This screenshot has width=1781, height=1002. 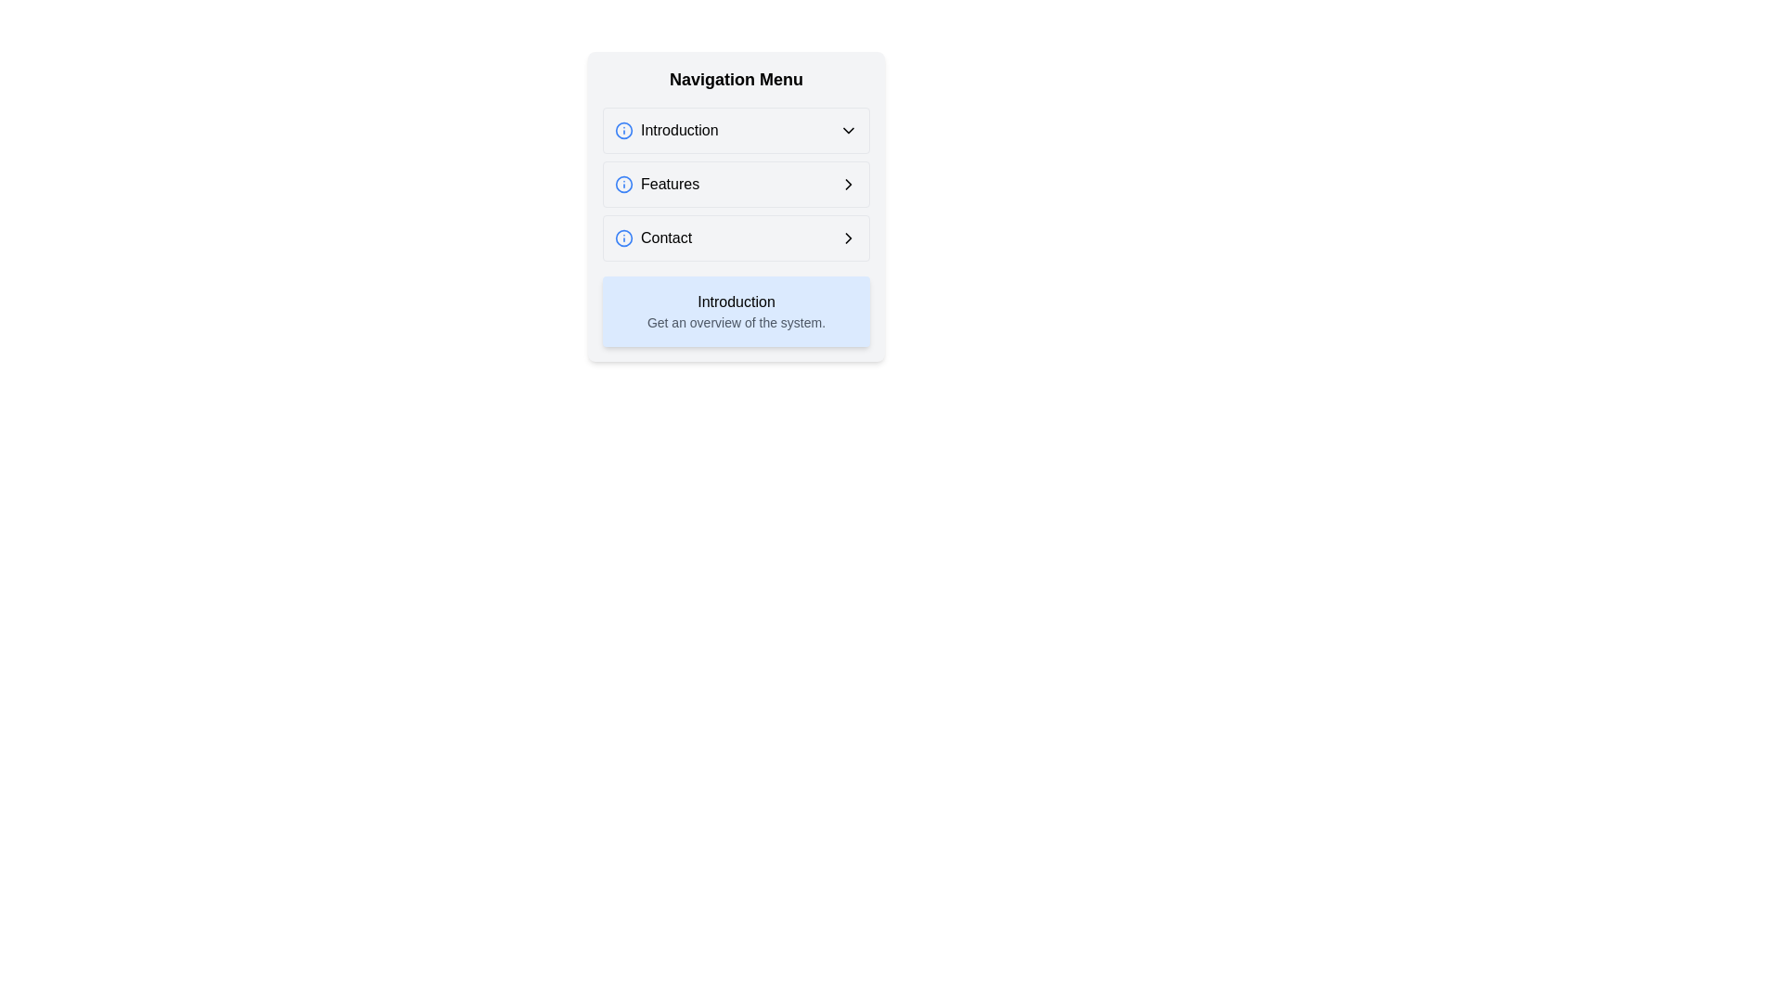 I want to click on the small black chevron-shaped icon in the navigation menu, located to the right of the 'Contact' menu option, so click(x=848, y=185).